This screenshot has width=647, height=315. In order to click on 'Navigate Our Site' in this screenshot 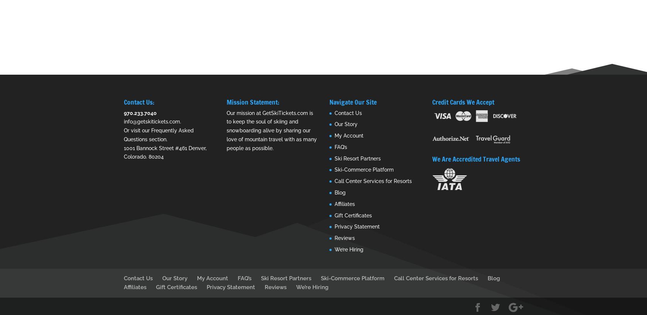, I will do `click(353, 102)`.